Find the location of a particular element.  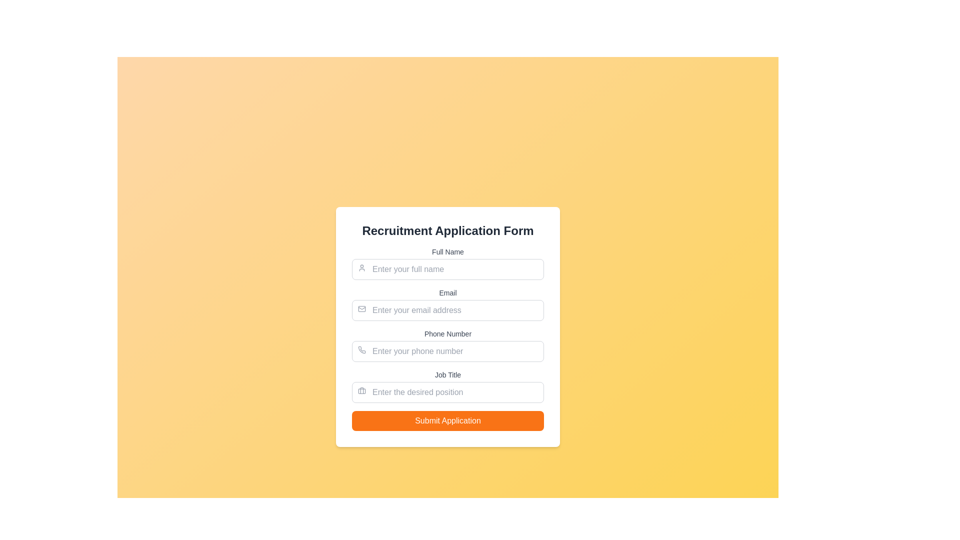

the email icon located at the beginning of the input field labeled 'Email', which visually indicates the nature of the adjacent input field is located at coordinates (361, 308).